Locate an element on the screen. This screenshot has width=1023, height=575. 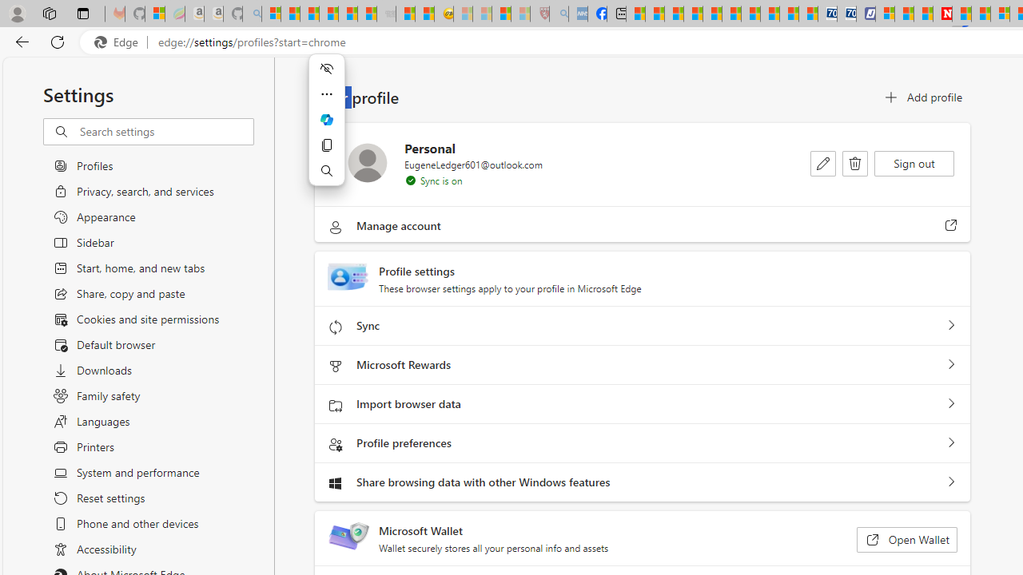
'Mini menu on text selection' is located at coordinates (325, 129).